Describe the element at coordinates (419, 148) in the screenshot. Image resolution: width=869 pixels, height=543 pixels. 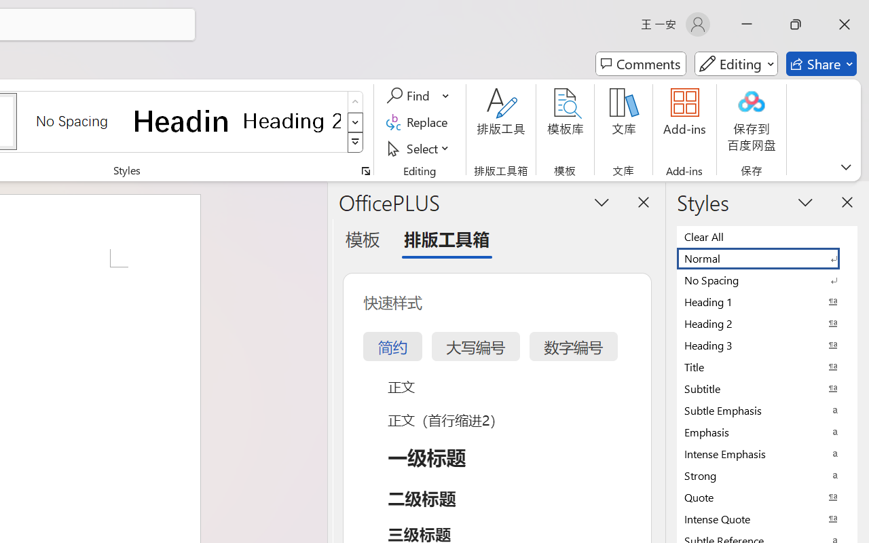
I see `'Select'` at that location.